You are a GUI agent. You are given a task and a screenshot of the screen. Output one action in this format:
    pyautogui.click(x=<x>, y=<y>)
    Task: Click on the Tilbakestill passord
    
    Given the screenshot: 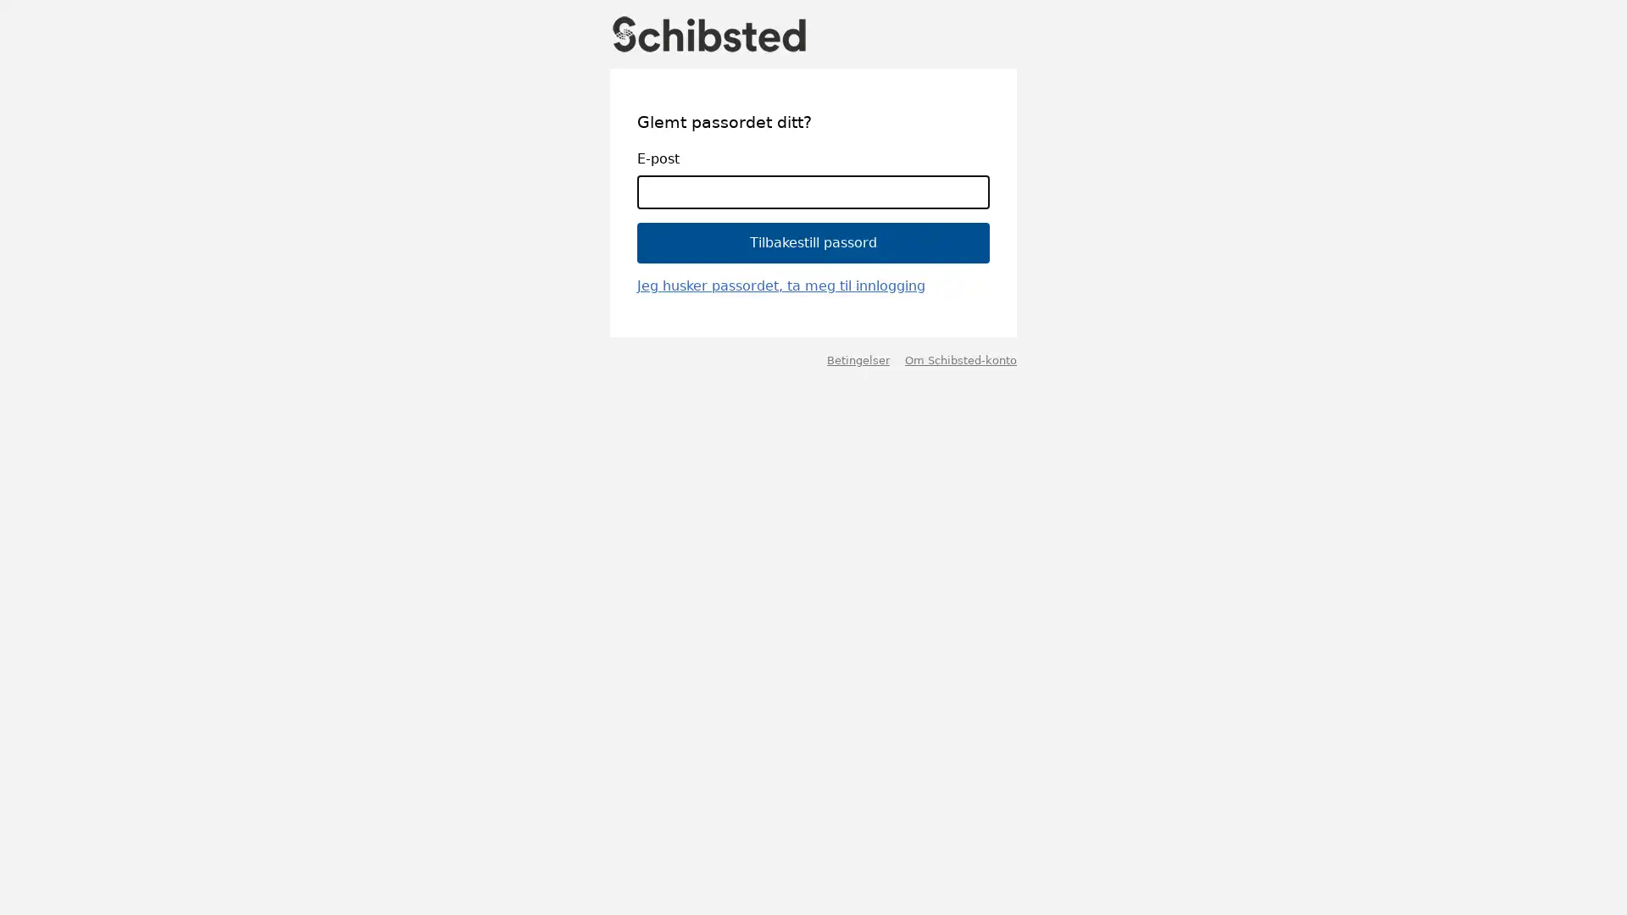 What is the action you would take?
    pyautogui.click(x=813, y=242)
    